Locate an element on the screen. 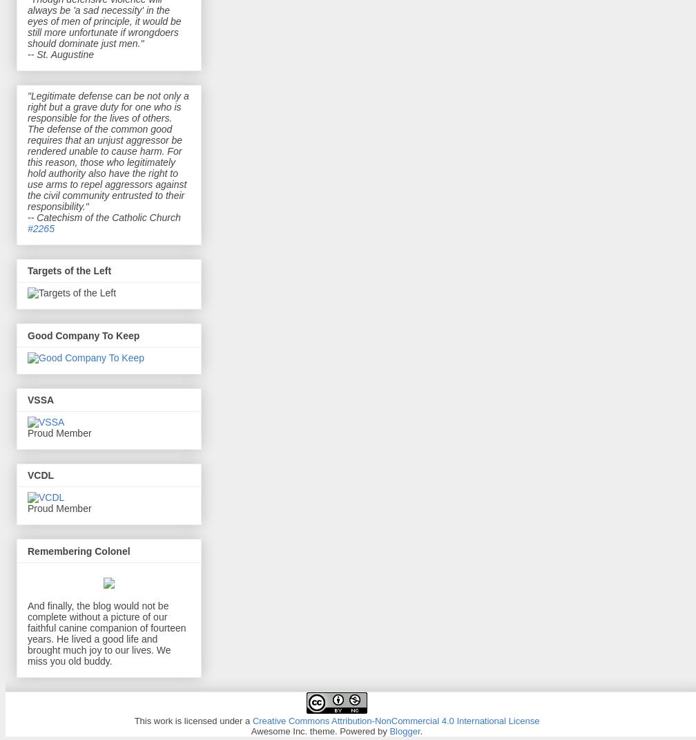 This screenshot has width=696, height=740. 'And finally, the blog would not be complete without a picture of our faithful canine companion of fourteen years. He lived a good life and brought much joy to our lives. We miss you old buddy.' is located at coordinates (28, 633).